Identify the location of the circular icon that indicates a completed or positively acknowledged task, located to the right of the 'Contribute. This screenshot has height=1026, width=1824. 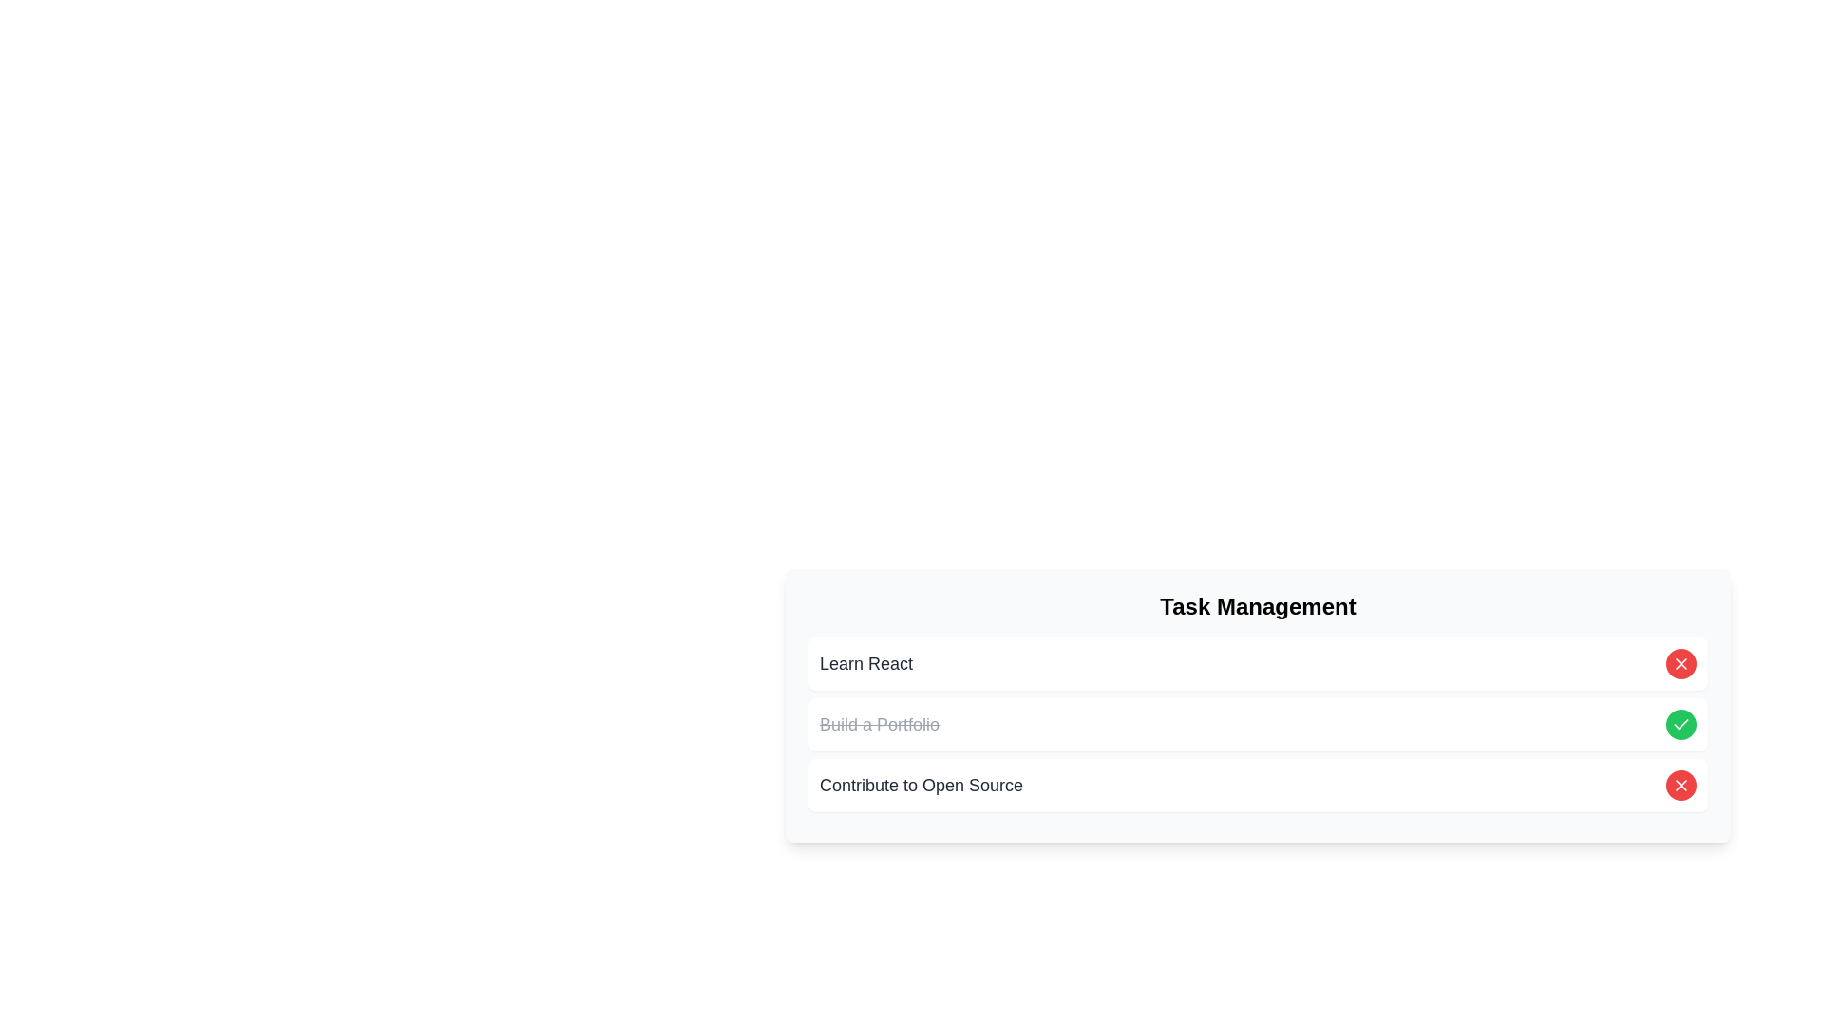
(1681, 724).